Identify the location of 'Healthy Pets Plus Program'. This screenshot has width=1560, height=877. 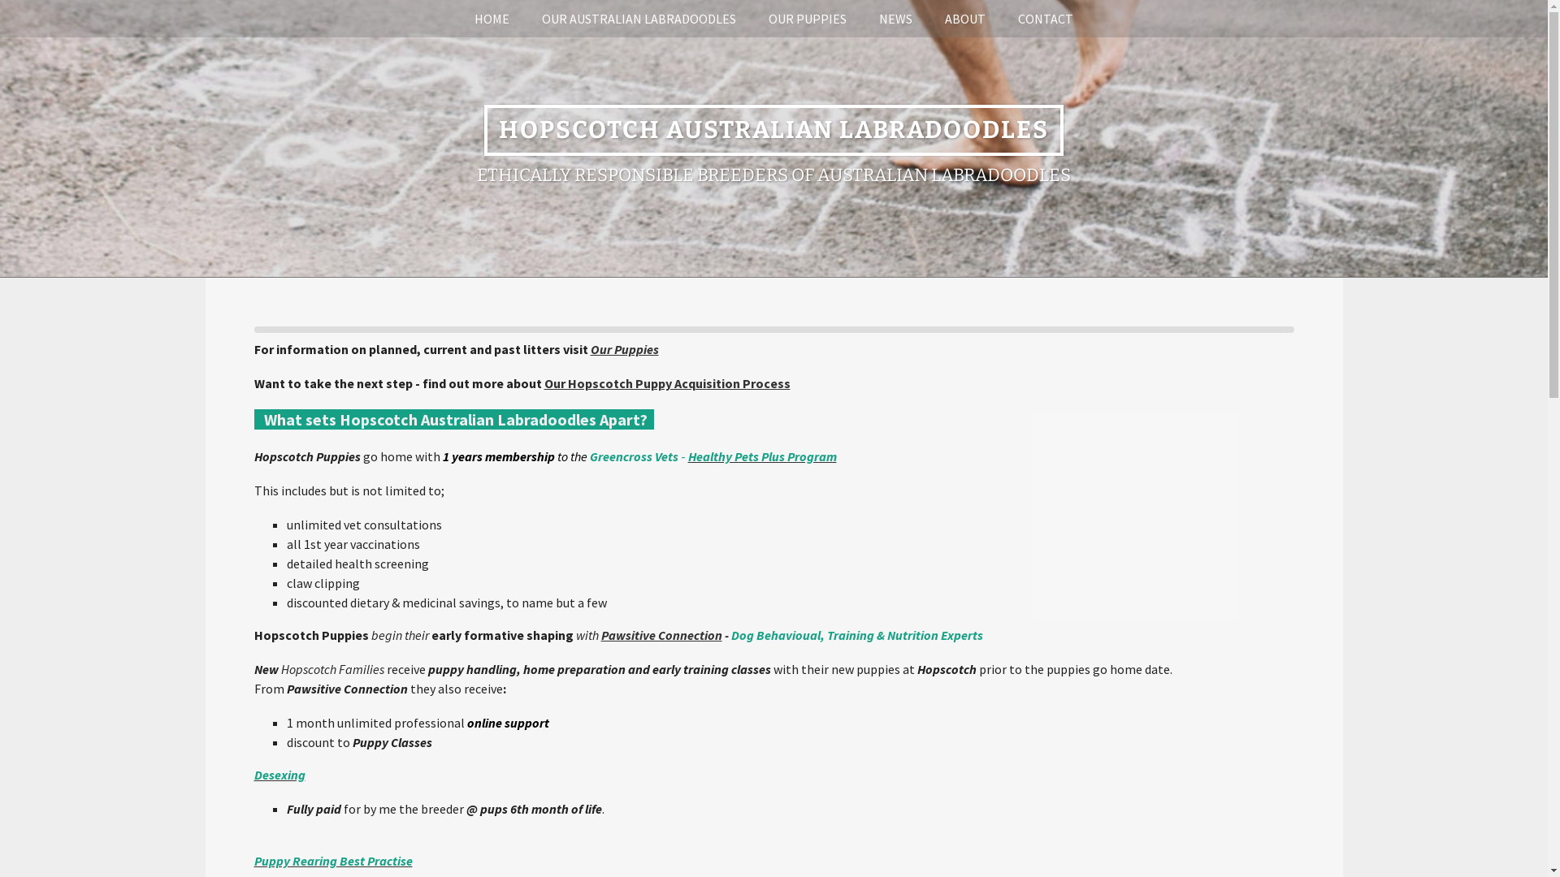
(760, 456).